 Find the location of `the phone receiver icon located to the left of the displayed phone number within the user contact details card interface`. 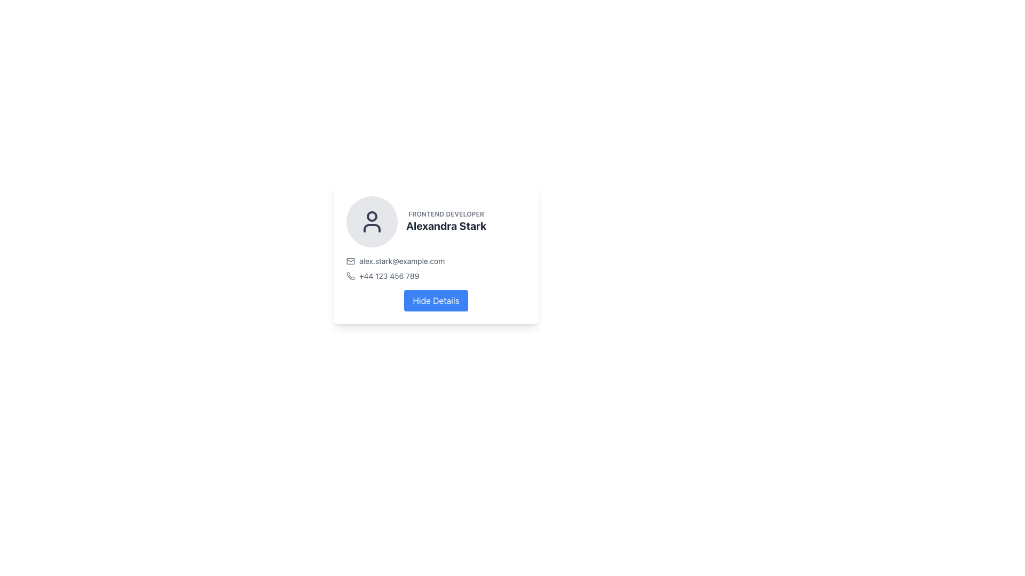

the phone receiver icon located to the left of the displayed phone number within the user contact details card interface is located at coordinates (351, 275).